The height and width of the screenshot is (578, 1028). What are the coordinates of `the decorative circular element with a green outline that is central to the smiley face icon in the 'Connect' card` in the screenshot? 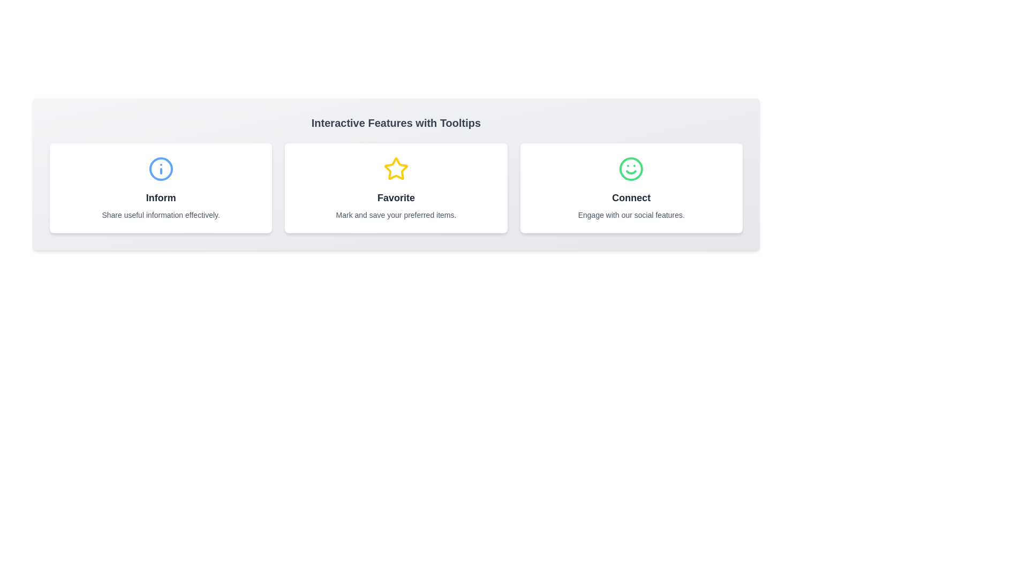 It's located at (631, 169).